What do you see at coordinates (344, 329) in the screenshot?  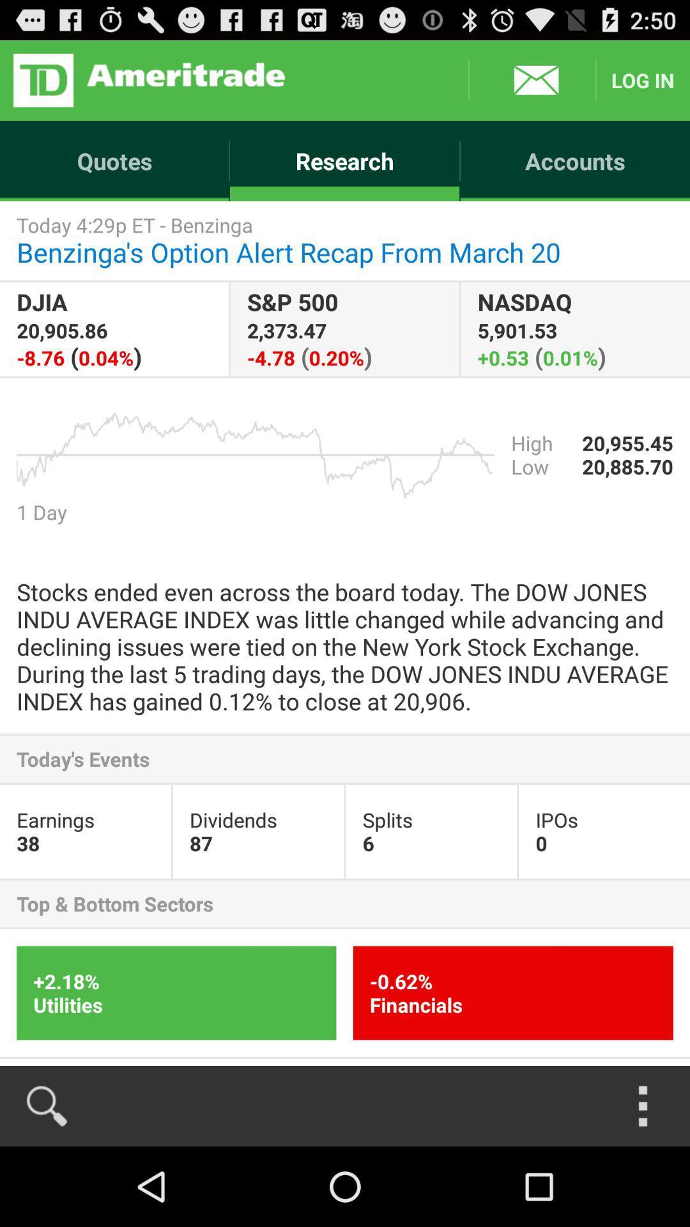 I see `s p 500` at bounding box center [344, 329].